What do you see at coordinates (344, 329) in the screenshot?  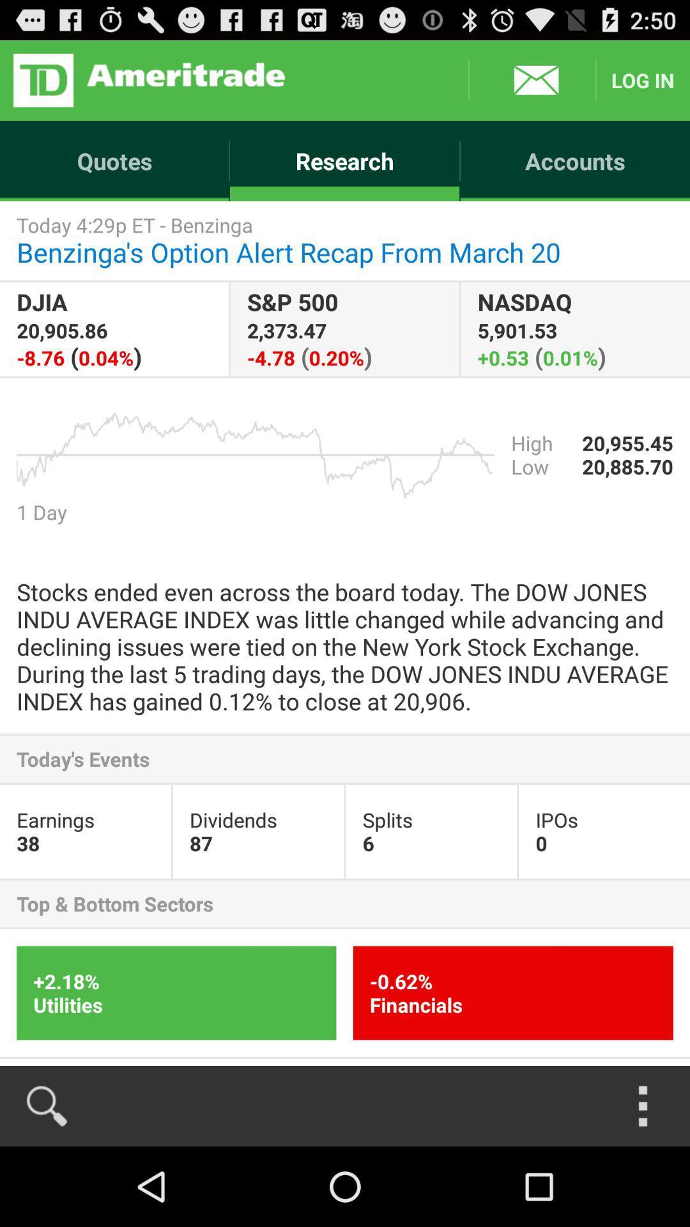 I see `s p 500` at bounding box center [344, 329].